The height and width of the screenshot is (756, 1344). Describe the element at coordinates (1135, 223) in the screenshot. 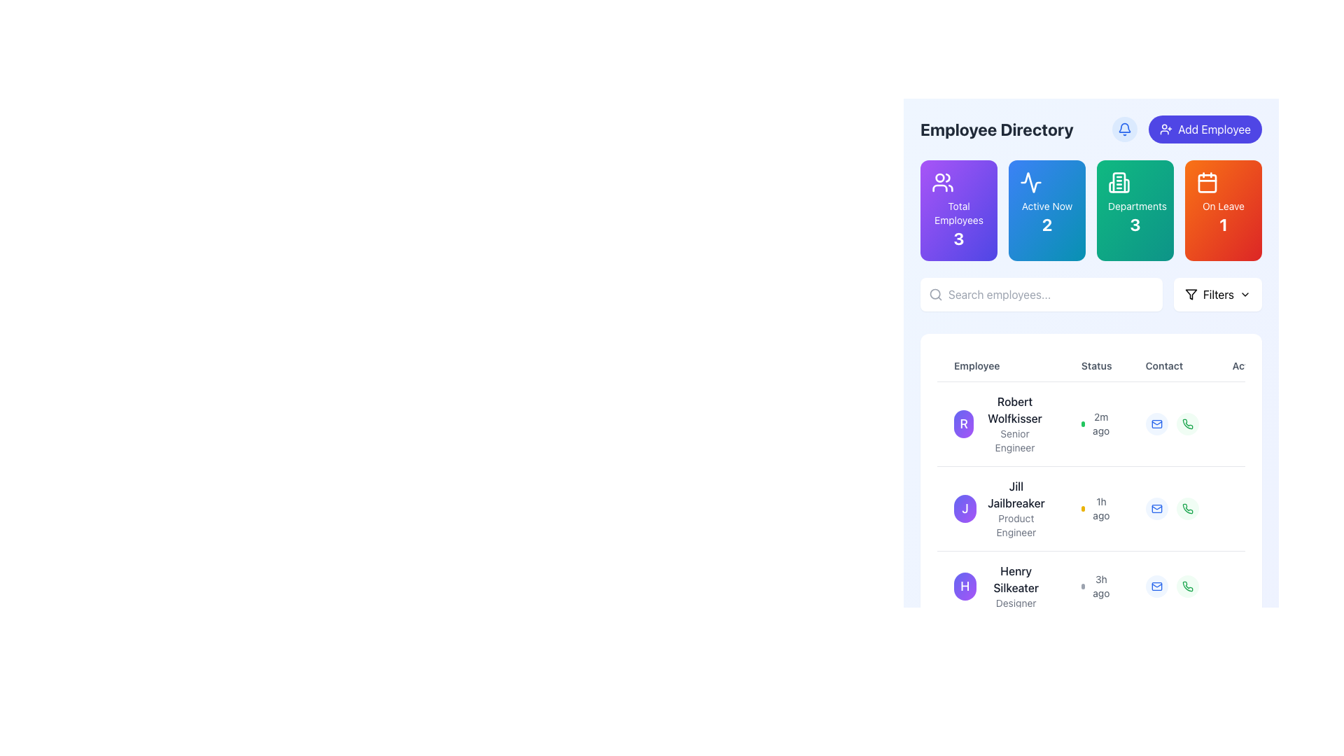

I see `the bold numeral '3' displayed in white on a green gradient background, located centrally within the third card labeled 'Departments'` at that location.